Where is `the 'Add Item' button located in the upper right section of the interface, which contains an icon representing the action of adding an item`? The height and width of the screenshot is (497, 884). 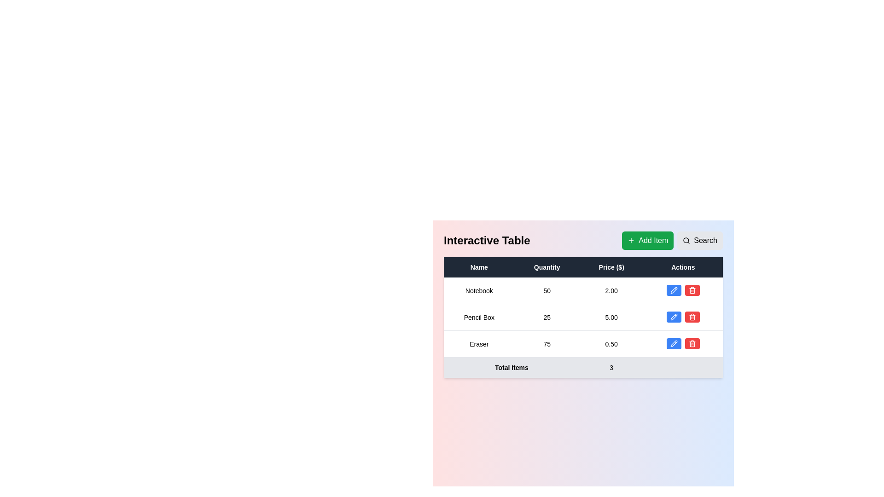
the 'Add Item' button located in the upper right section of the interface, which contains an icon representing the action of adding an item is located at coordinates (631, 240).